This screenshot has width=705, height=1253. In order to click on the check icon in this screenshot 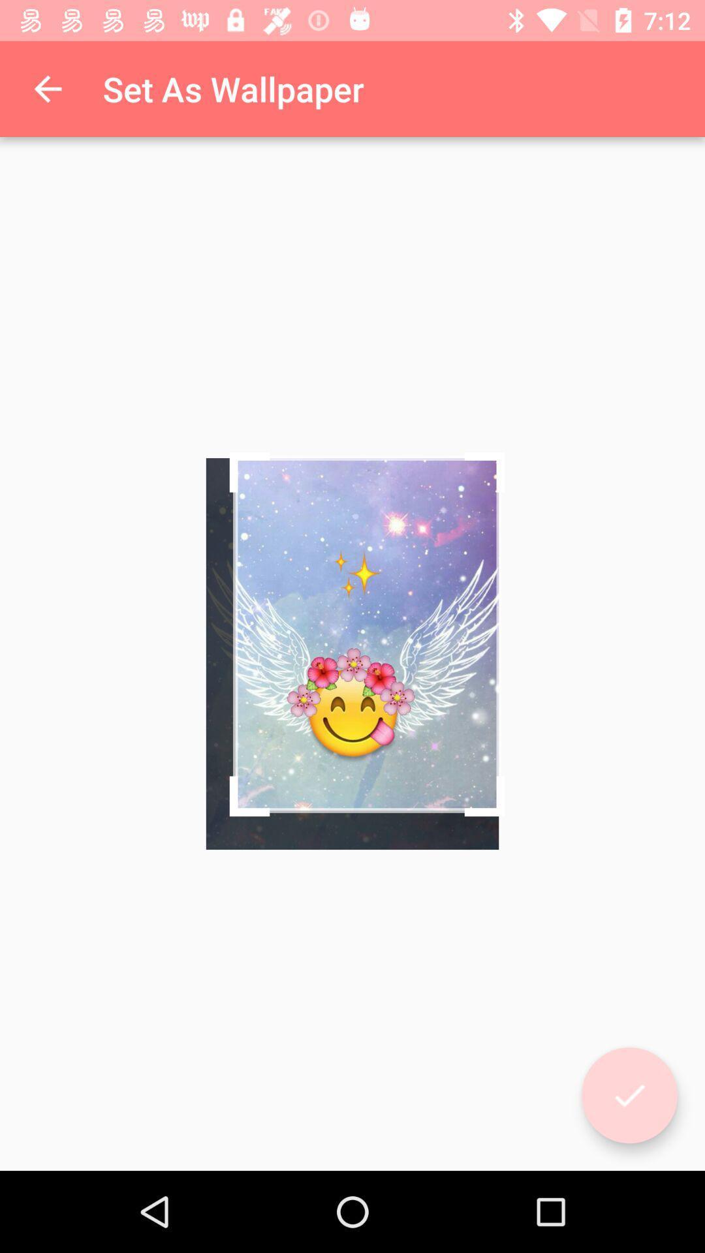, I will do `click(629, 1095)`.